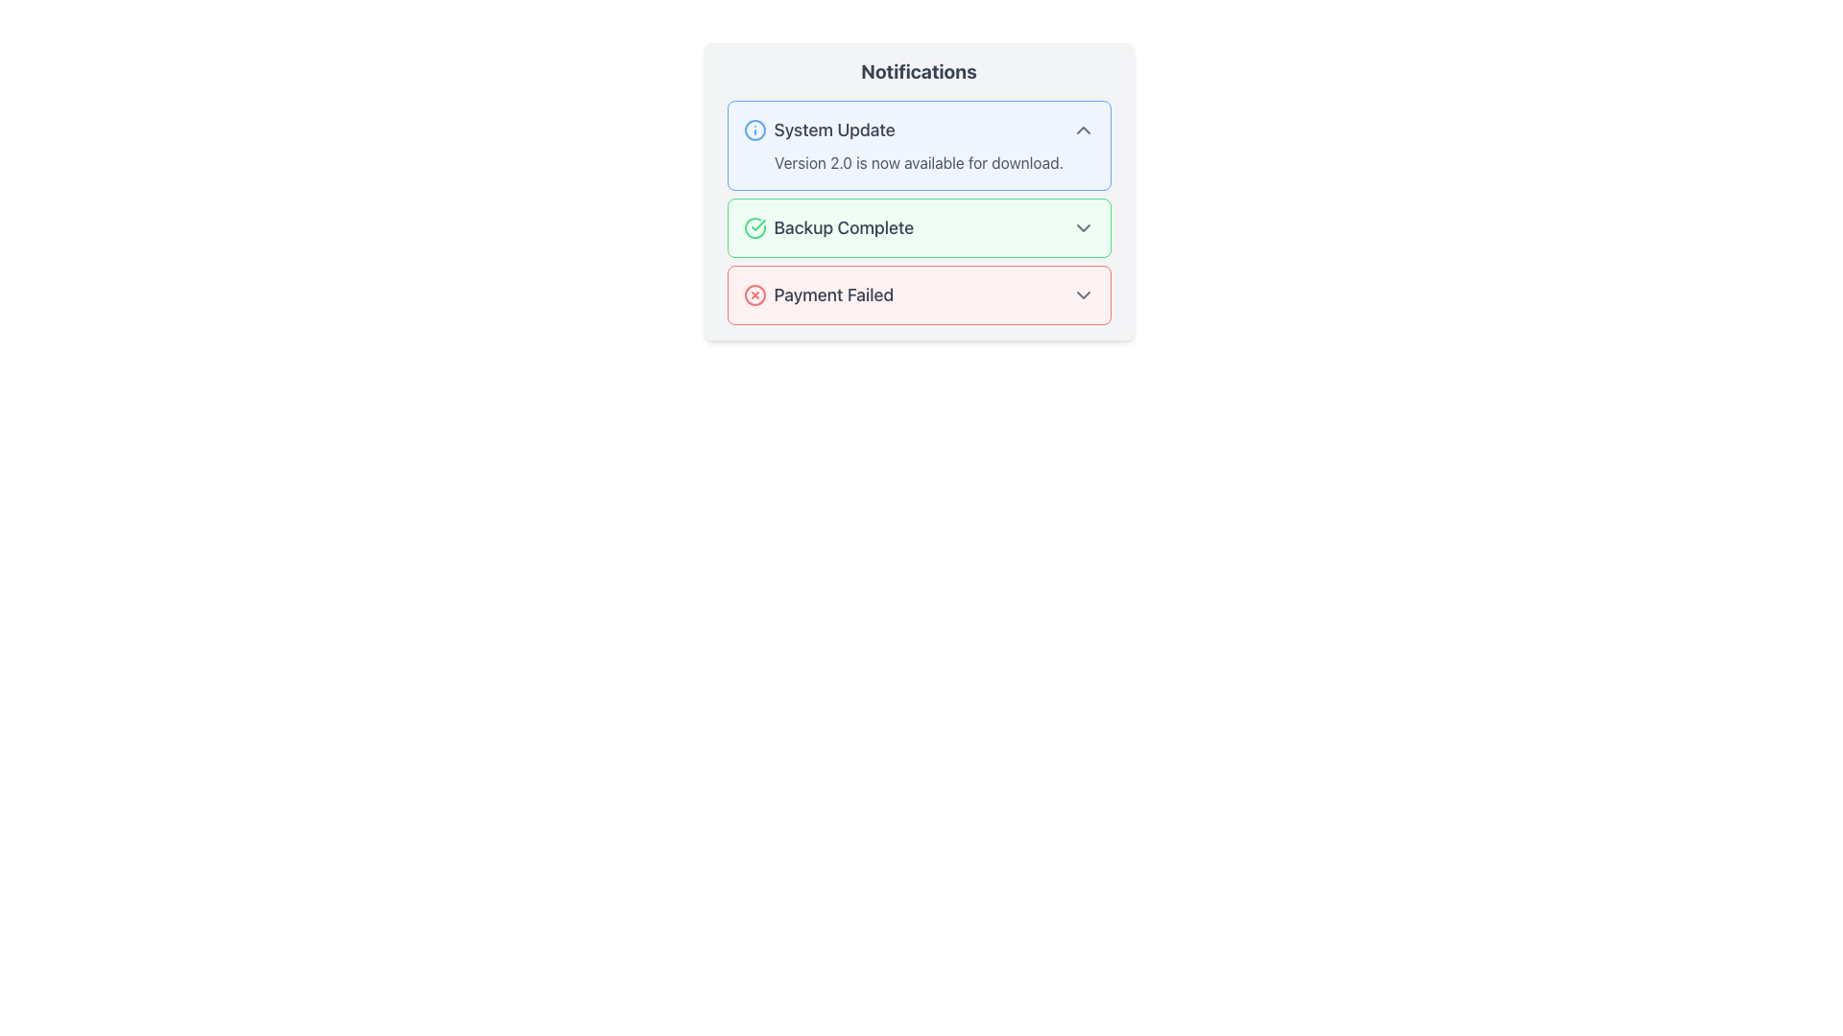 The image size is (1843, 1036). What do you see at coordinates (1083, 295) in the screenshot?
I see `the dropdown toggle button located at the far-right end of the red-highlighted row containing the 'Payment Failed' label` at bounding box center [1083, 295].